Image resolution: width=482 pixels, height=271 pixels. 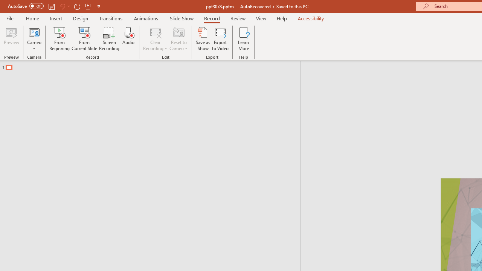 I want to click on 'Reset to Cameo', so click(x=178, y=39).